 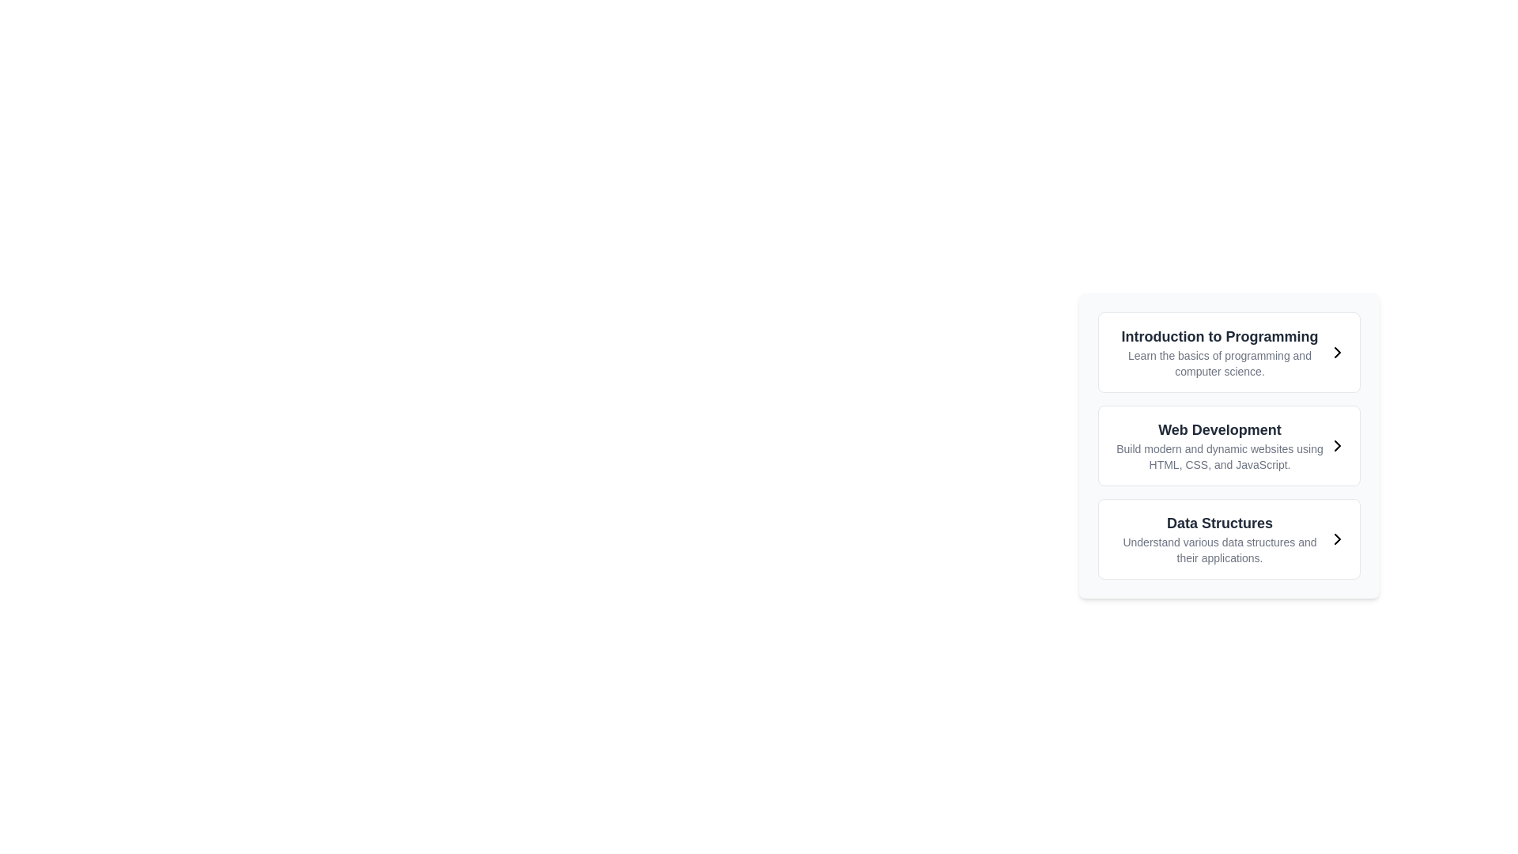 What do you see at coordinates (1218, 363) in the screenshot?
I see `the static text block element that reads 'Learn the basics of programming and computer science', which is located under the bold header 'Introduction to Programming'` at bounding box center [1218, 363].